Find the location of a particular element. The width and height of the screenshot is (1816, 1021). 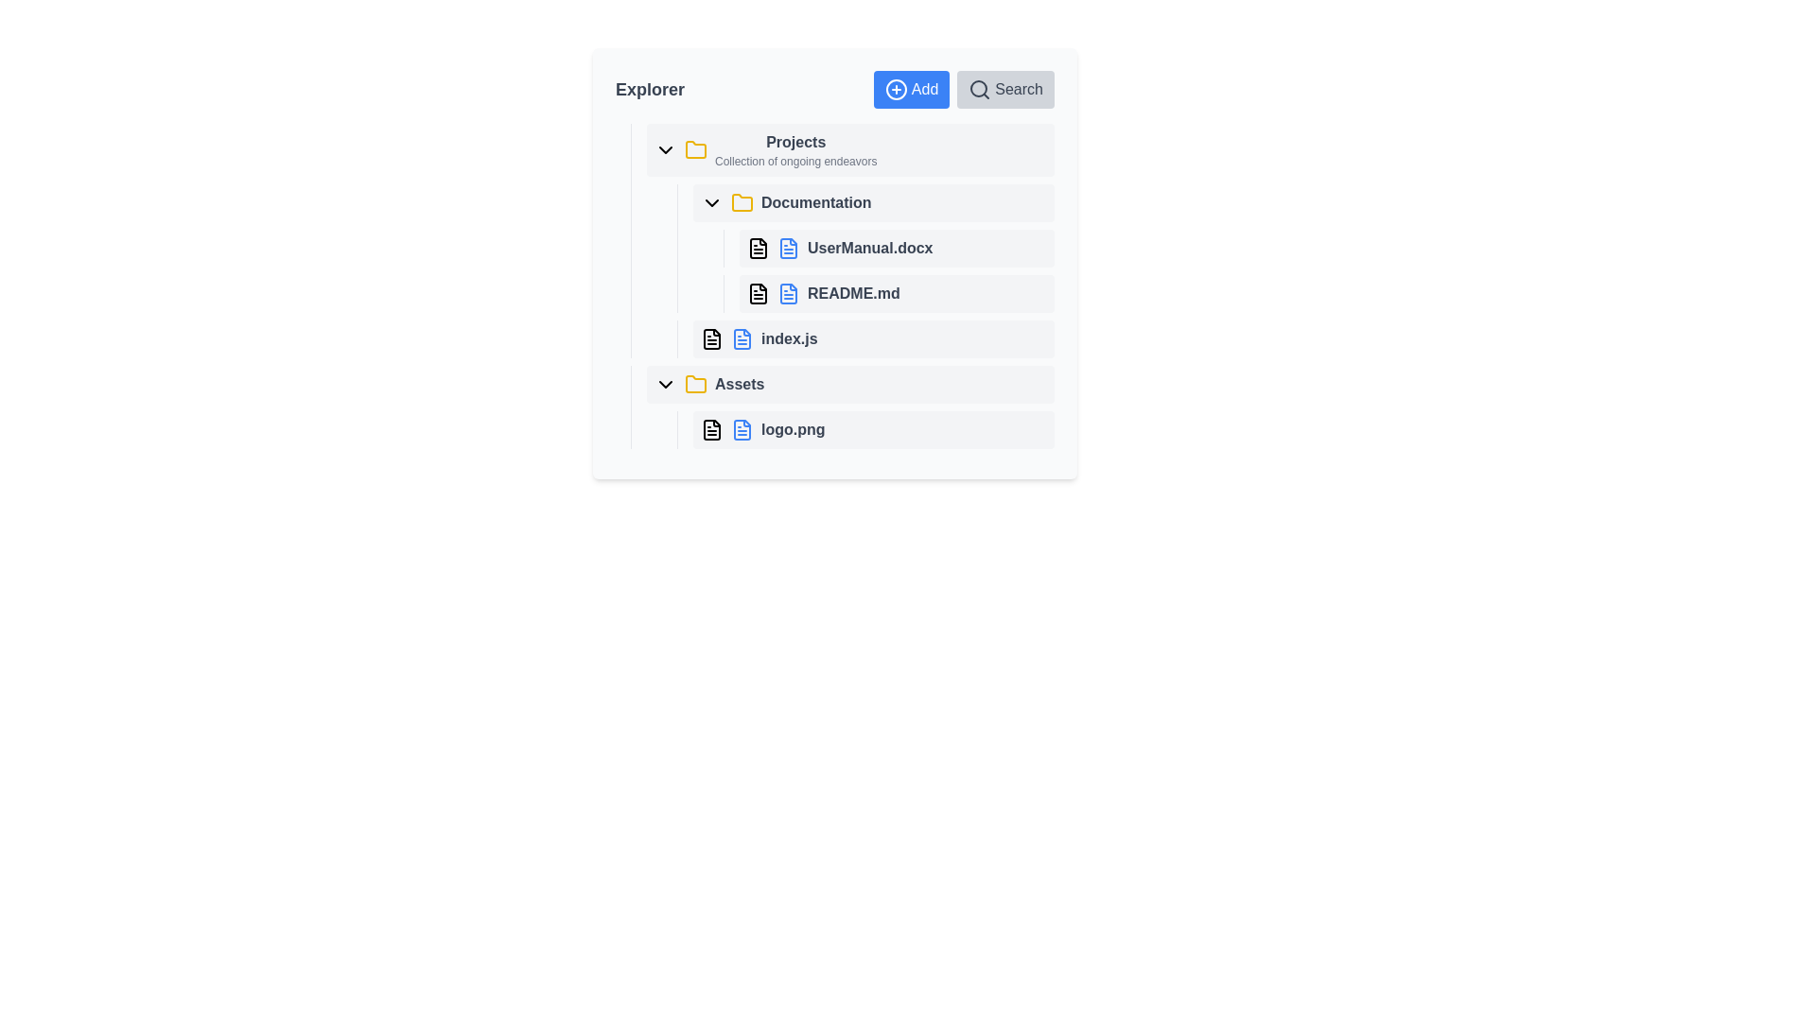

the yellow folder icon styled with a Lucide framework class, located next to the text 'Projects' in the Explorer interface is located at coordinates (694, 148).